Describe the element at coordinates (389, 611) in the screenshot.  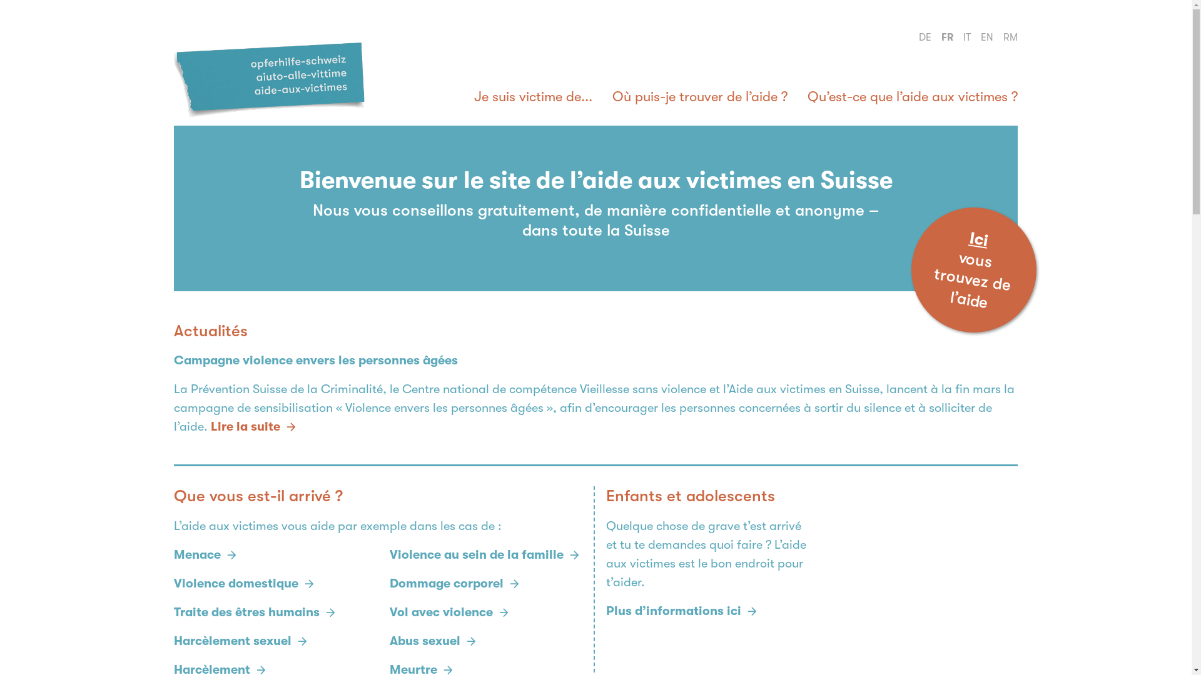
I see `'Vol avec violence'` at that location.